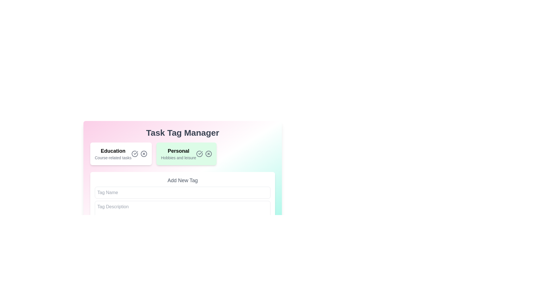 The height and width of the screenshot is (306, 545). Describe the element at coordinates (144, 154) in the screenshot. I see `the circular icon button with a gray border and a red cross` at that location.